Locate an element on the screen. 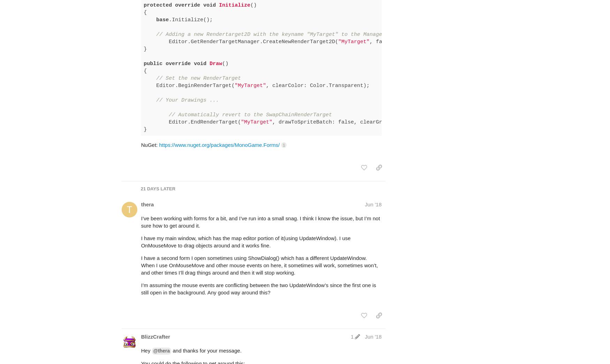 This screenshot has width=610, height=364. ', drawToSpriteBatch:' is located at coordinates (305, 95).